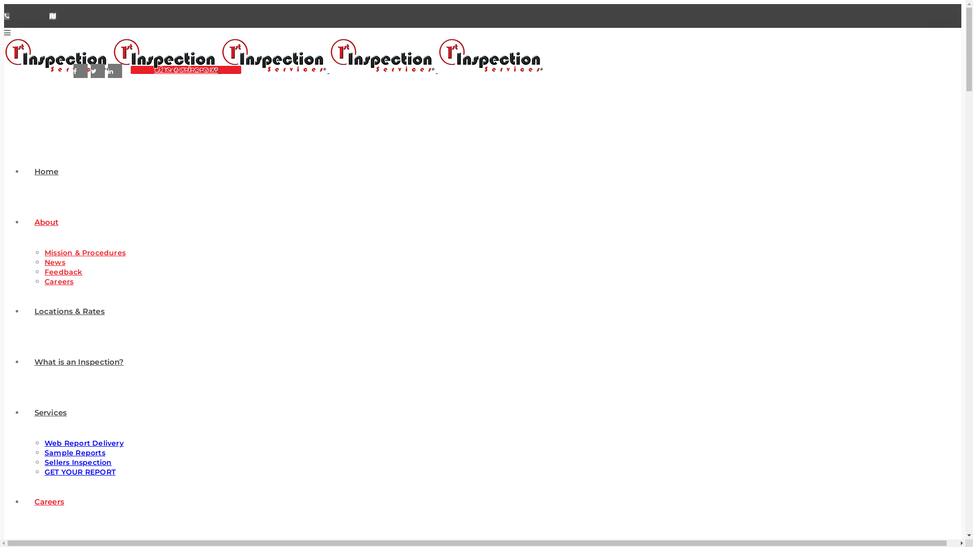 This screenshot has width=973, height=547. What do you see at coordinates (49, 501) in the screenshot?
I see `'Careers'` at bounding box center [49, 501].